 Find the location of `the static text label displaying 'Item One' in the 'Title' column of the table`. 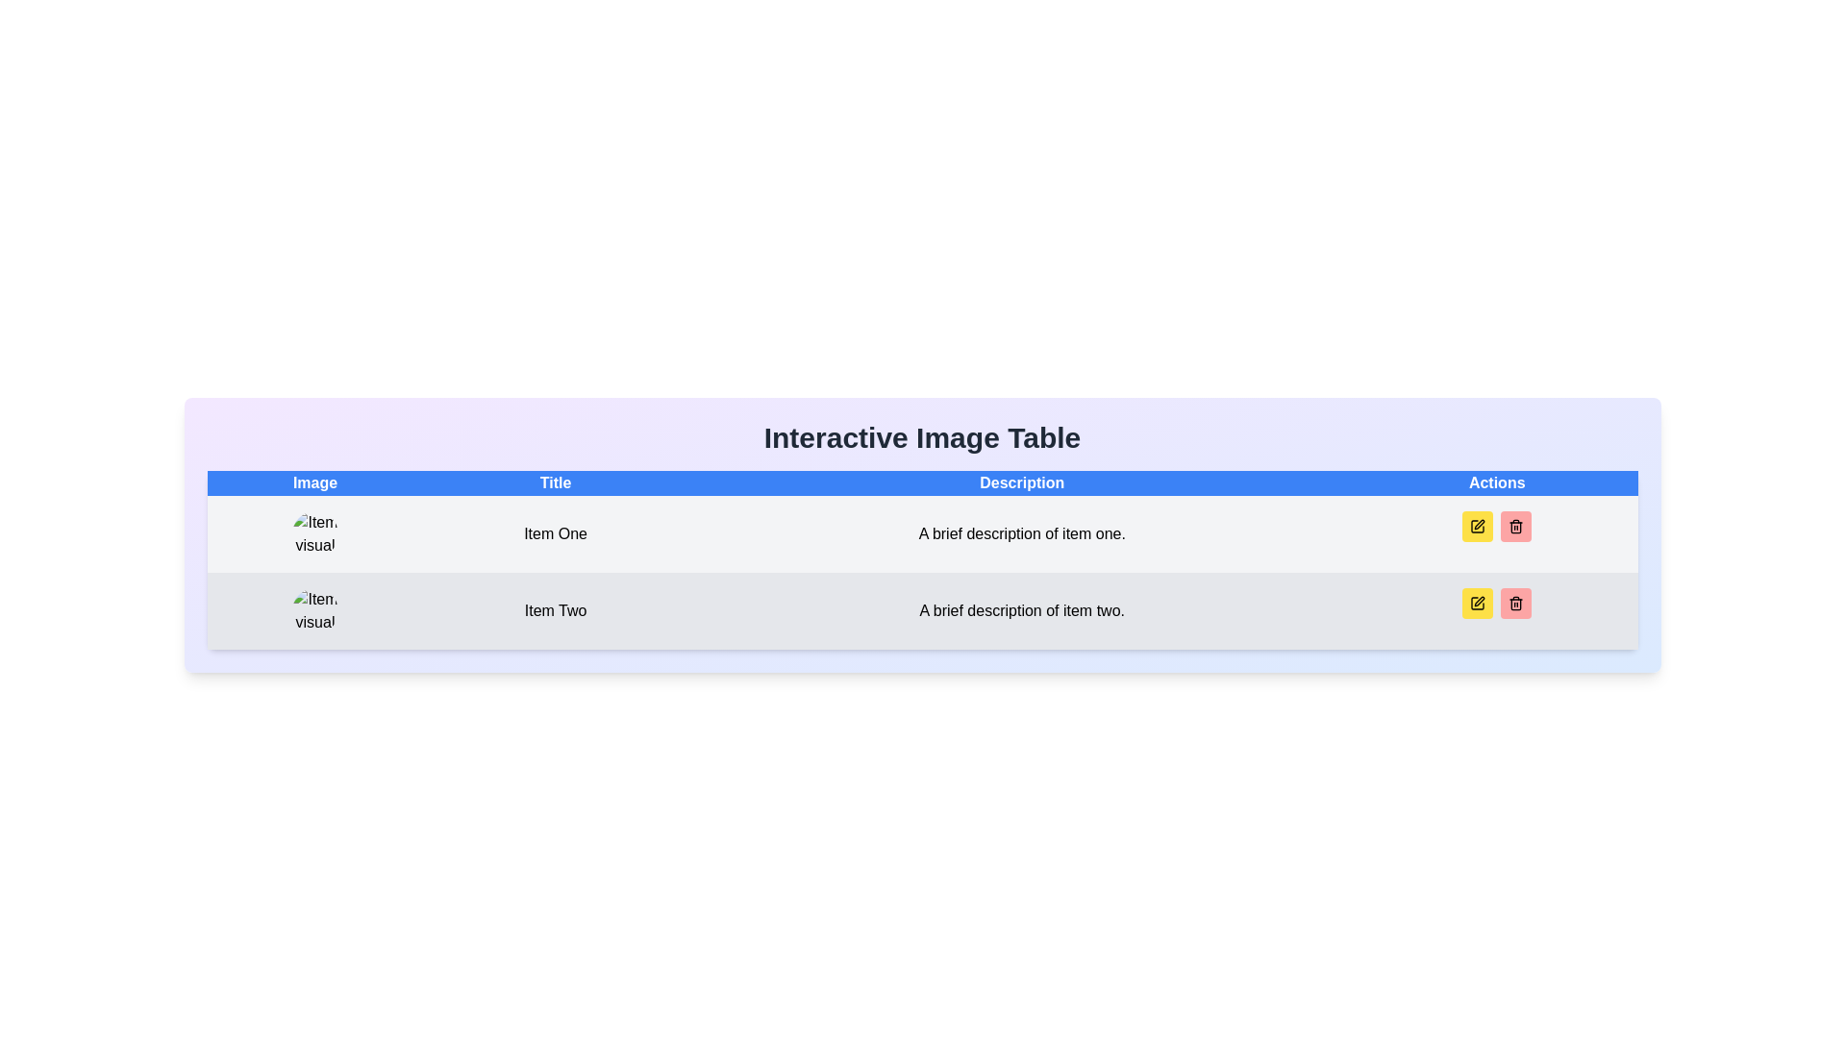

the static text label displaying 'Item One' in the 'Title' column of the table is located at coordinates (555, 533).